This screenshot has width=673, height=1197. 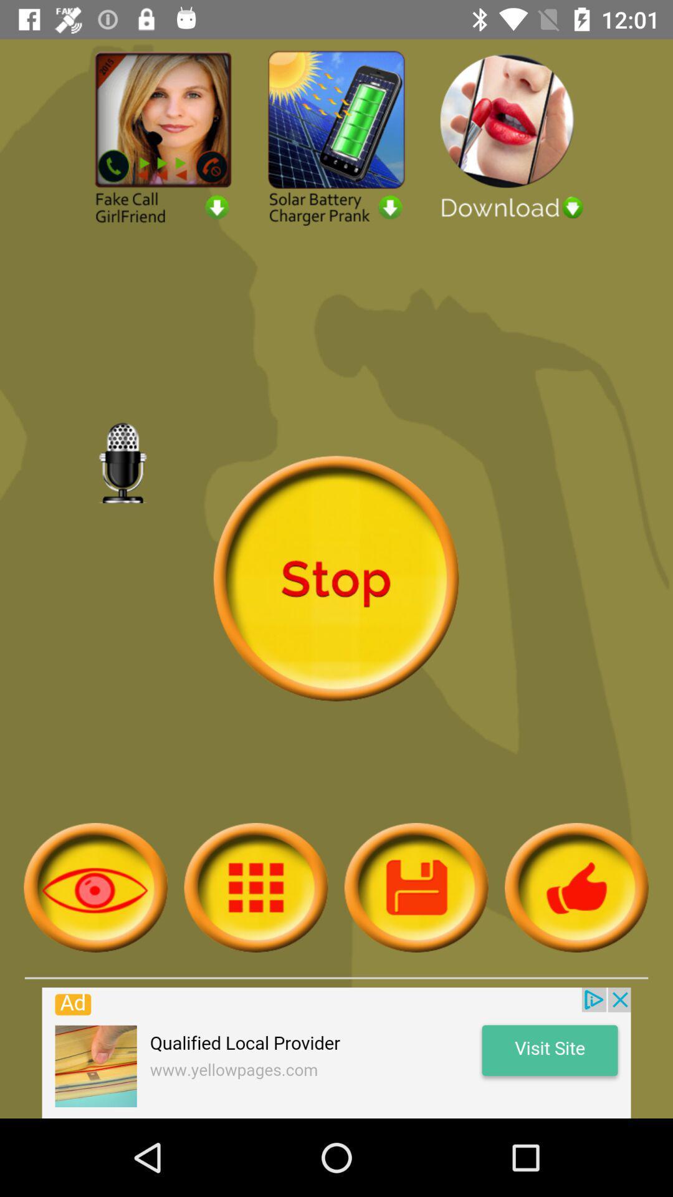 What do you see at coordinates (335, 578) in the screenshot?
I see `stop the recording` at bounding box center [335, 578].